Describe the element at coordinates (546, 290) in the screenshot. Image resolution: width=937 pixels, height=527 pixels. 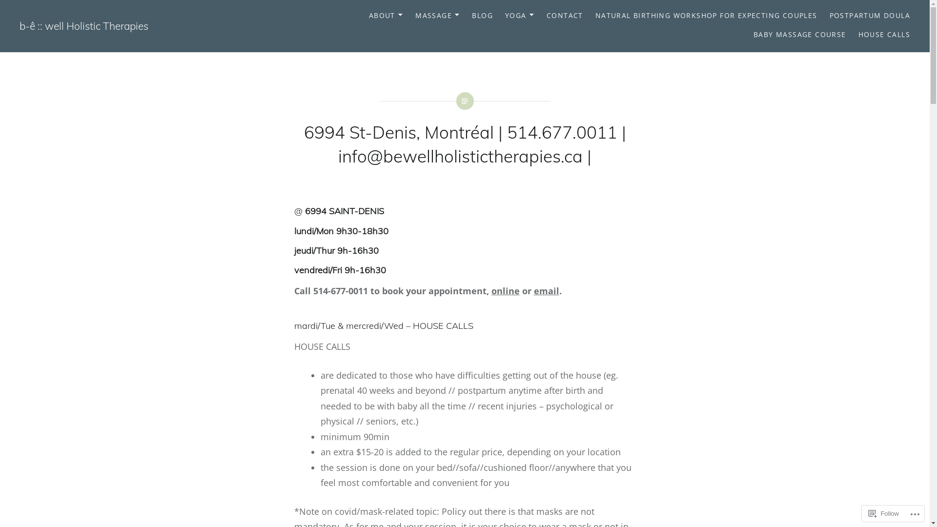
I see `'email'` at that location.